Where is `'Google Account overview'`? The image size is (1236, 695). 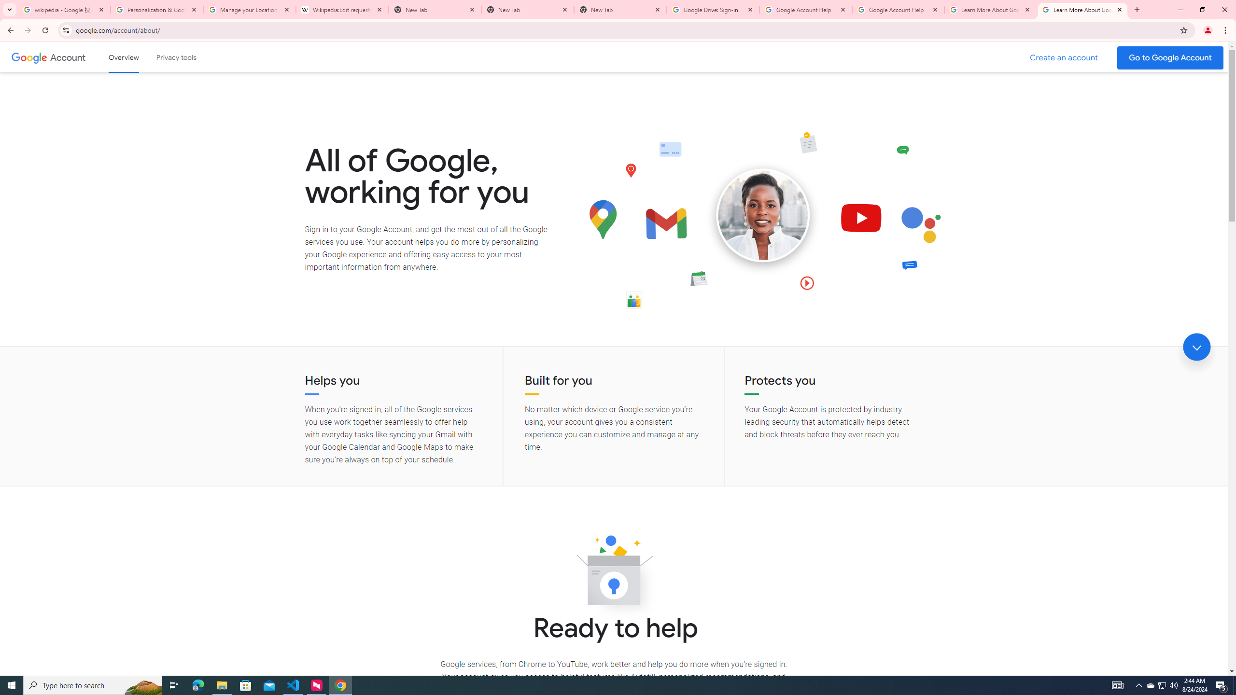 'Google Account overview' is located at coordinates (124, 57).